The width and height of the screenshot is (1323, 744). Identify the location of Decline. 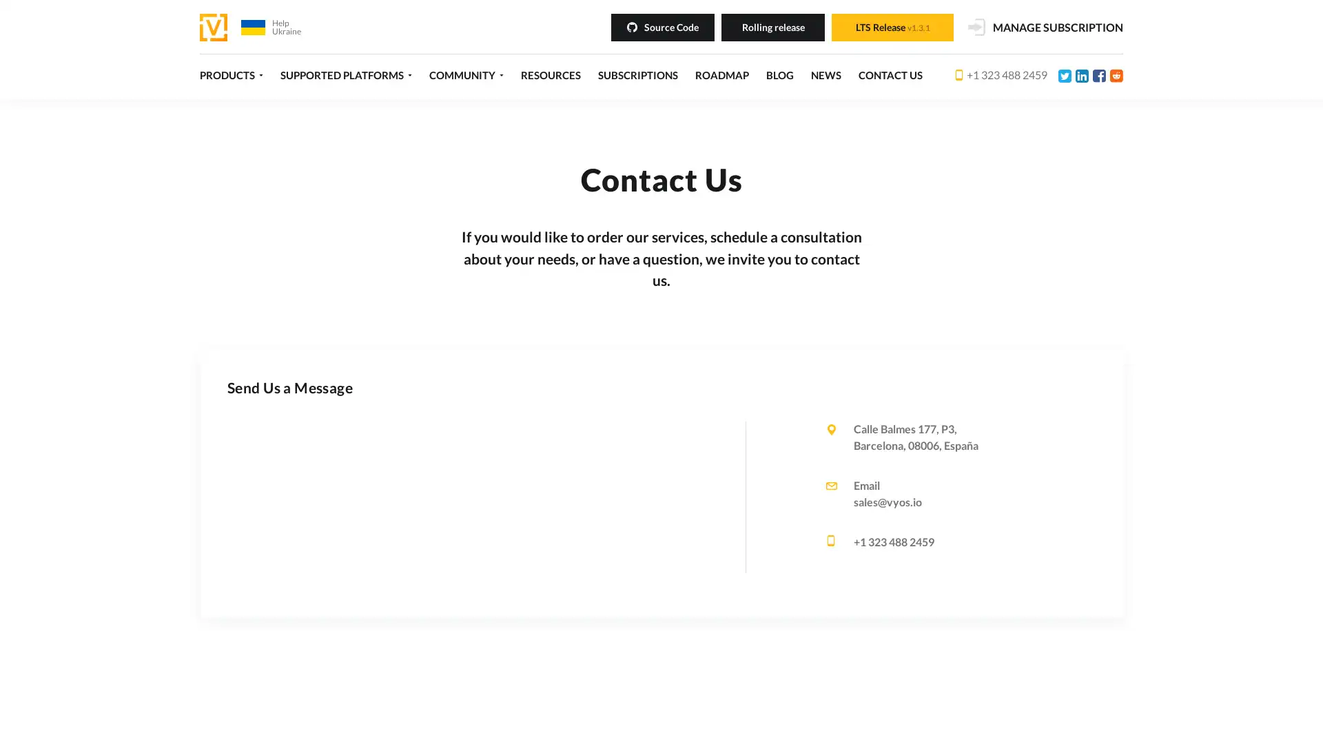
(912, 712).